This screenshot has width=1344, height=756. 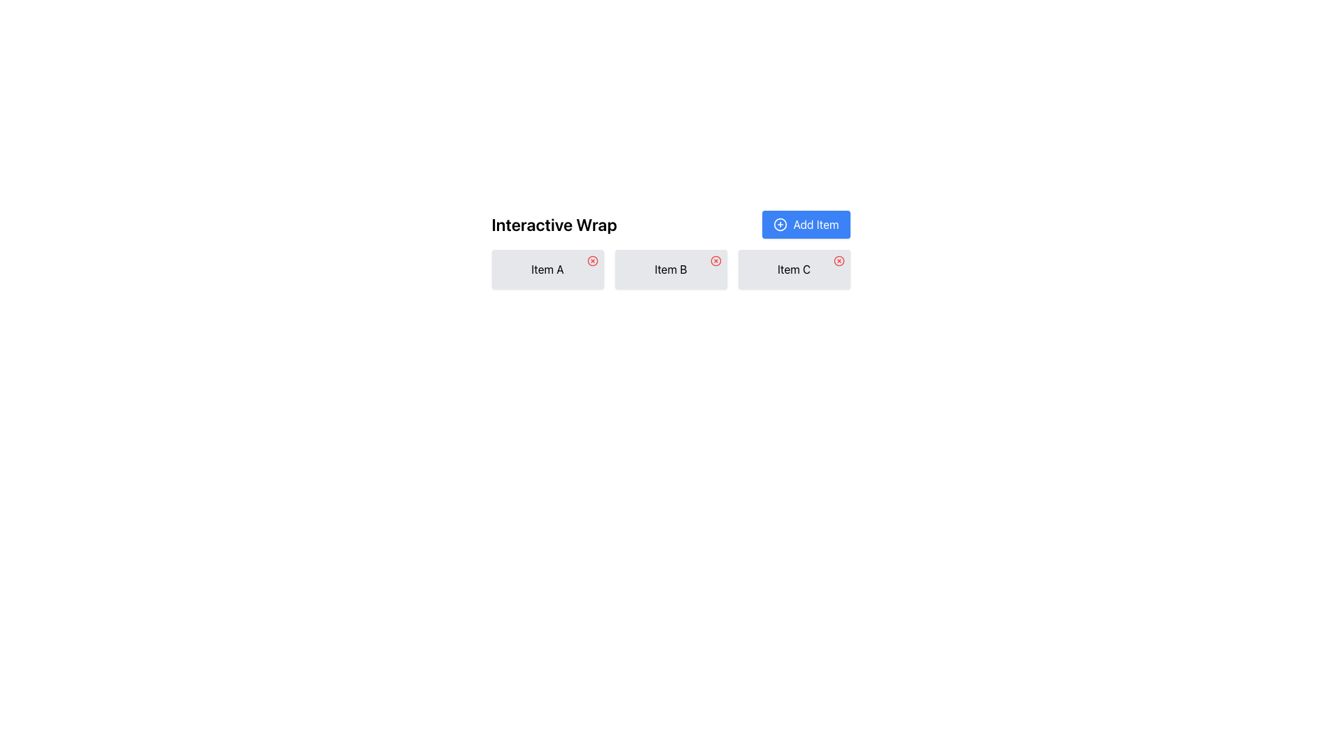 What do you see at coordinates (780, 223) in the screenshot?
I see `the 'Add Item' button which features a circular outline, a cross, and a plus symbol, located to the right of the items labeled 'Item A', 'Item B', and 'Item C'` at bounding box center [780, 223].